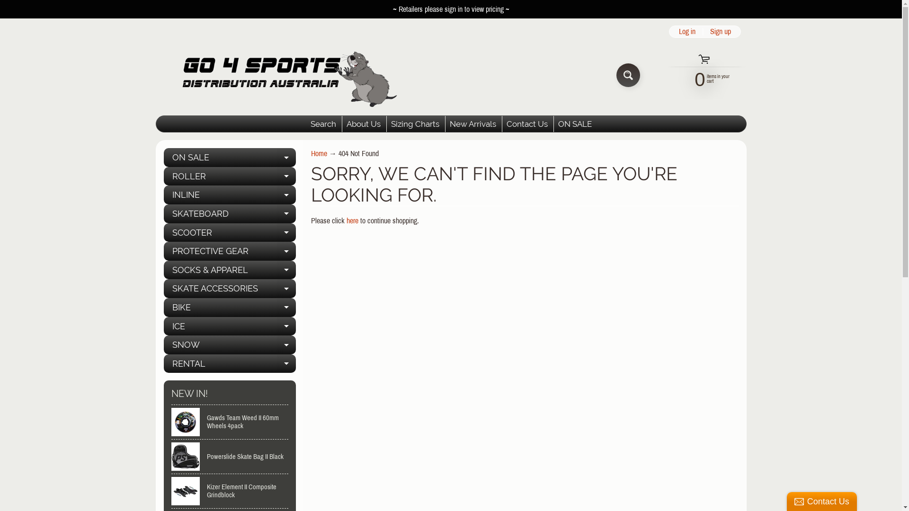 Image resolution: width=909 pixels, height=511 pixels. What do you see at coordinates (323, 123) in the screenshot?
I see `'Search'` at bounding box center [323, 123].